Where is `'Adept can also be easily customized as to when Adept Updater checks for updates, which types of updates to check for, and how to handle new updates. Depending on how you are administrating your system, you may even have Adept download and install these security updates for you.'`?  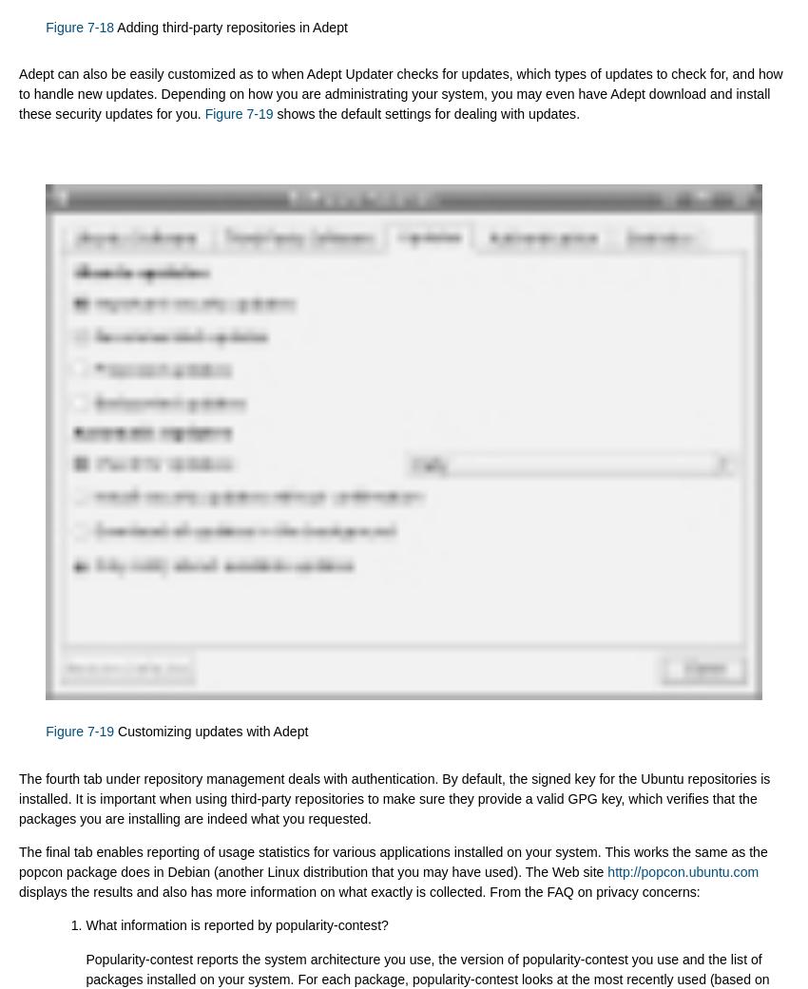
'Adept can also be easily customized as to when Adept Updater checks for updates, which types of updates to check for, and how to handle new updates. Depending on how you are administrating your system, you may even have Adept download and install these security updates for you.' is located at coordinates (400, 92).